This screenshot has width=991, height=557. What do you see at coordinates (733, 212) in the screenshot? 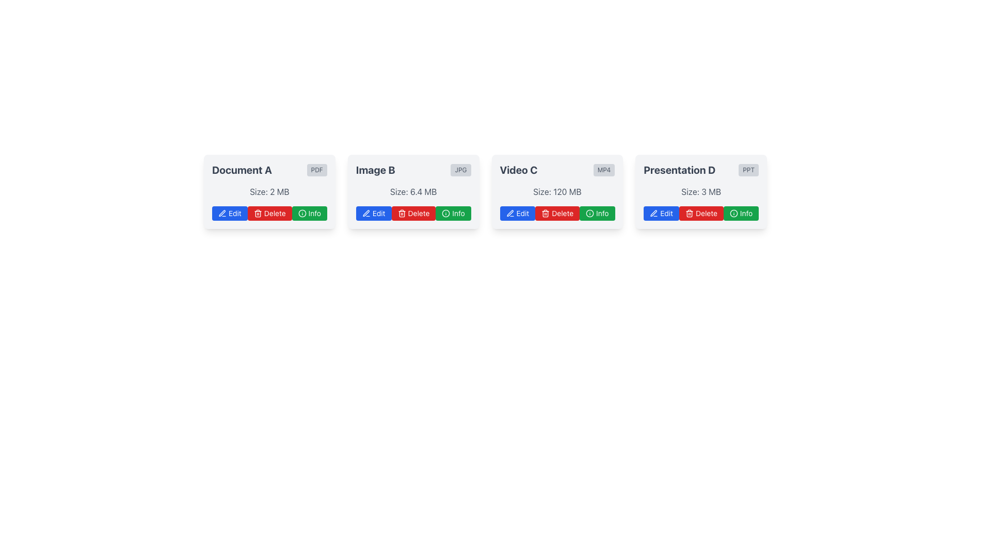
I see `the information indicator icon located to the left of the 'Info' text within the green button at the bottom of the 'Presentation D' block` at bounding box center [733, 212].